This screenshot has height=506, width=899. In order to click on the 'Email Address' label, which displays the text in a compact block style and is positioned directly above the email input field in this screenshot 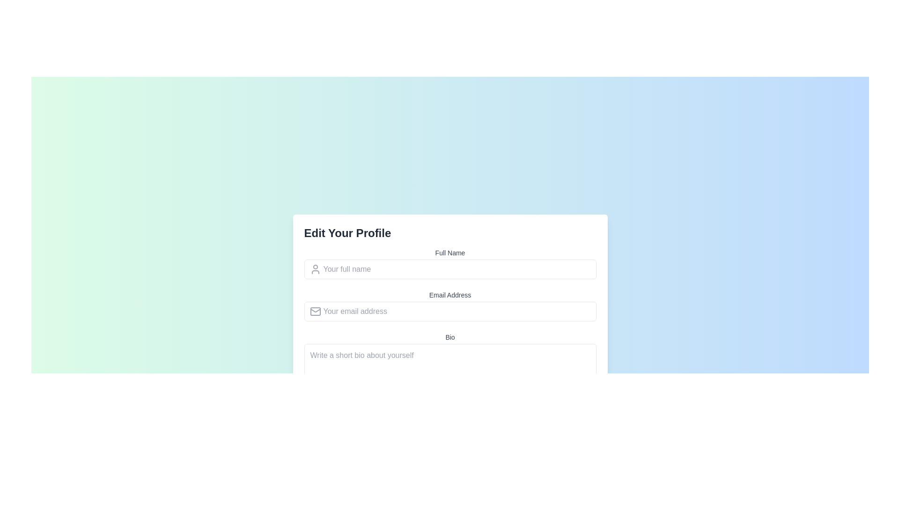, I will do `click(450, 294)`.